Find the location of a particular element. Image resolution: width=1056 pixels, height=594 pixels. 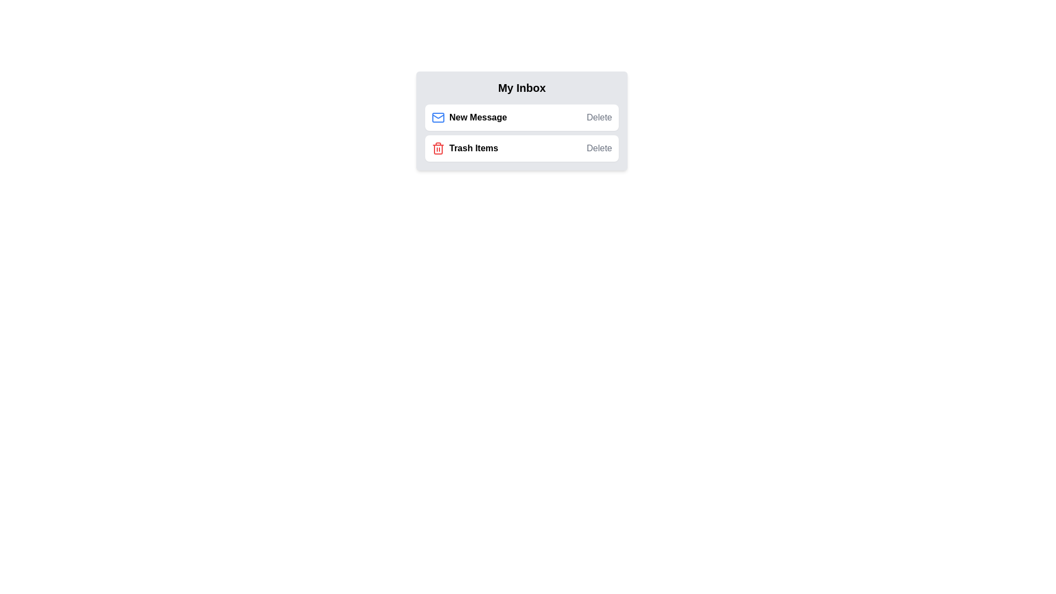

the text Trash Items to perform its associated action is located at coordinates (464, 148).